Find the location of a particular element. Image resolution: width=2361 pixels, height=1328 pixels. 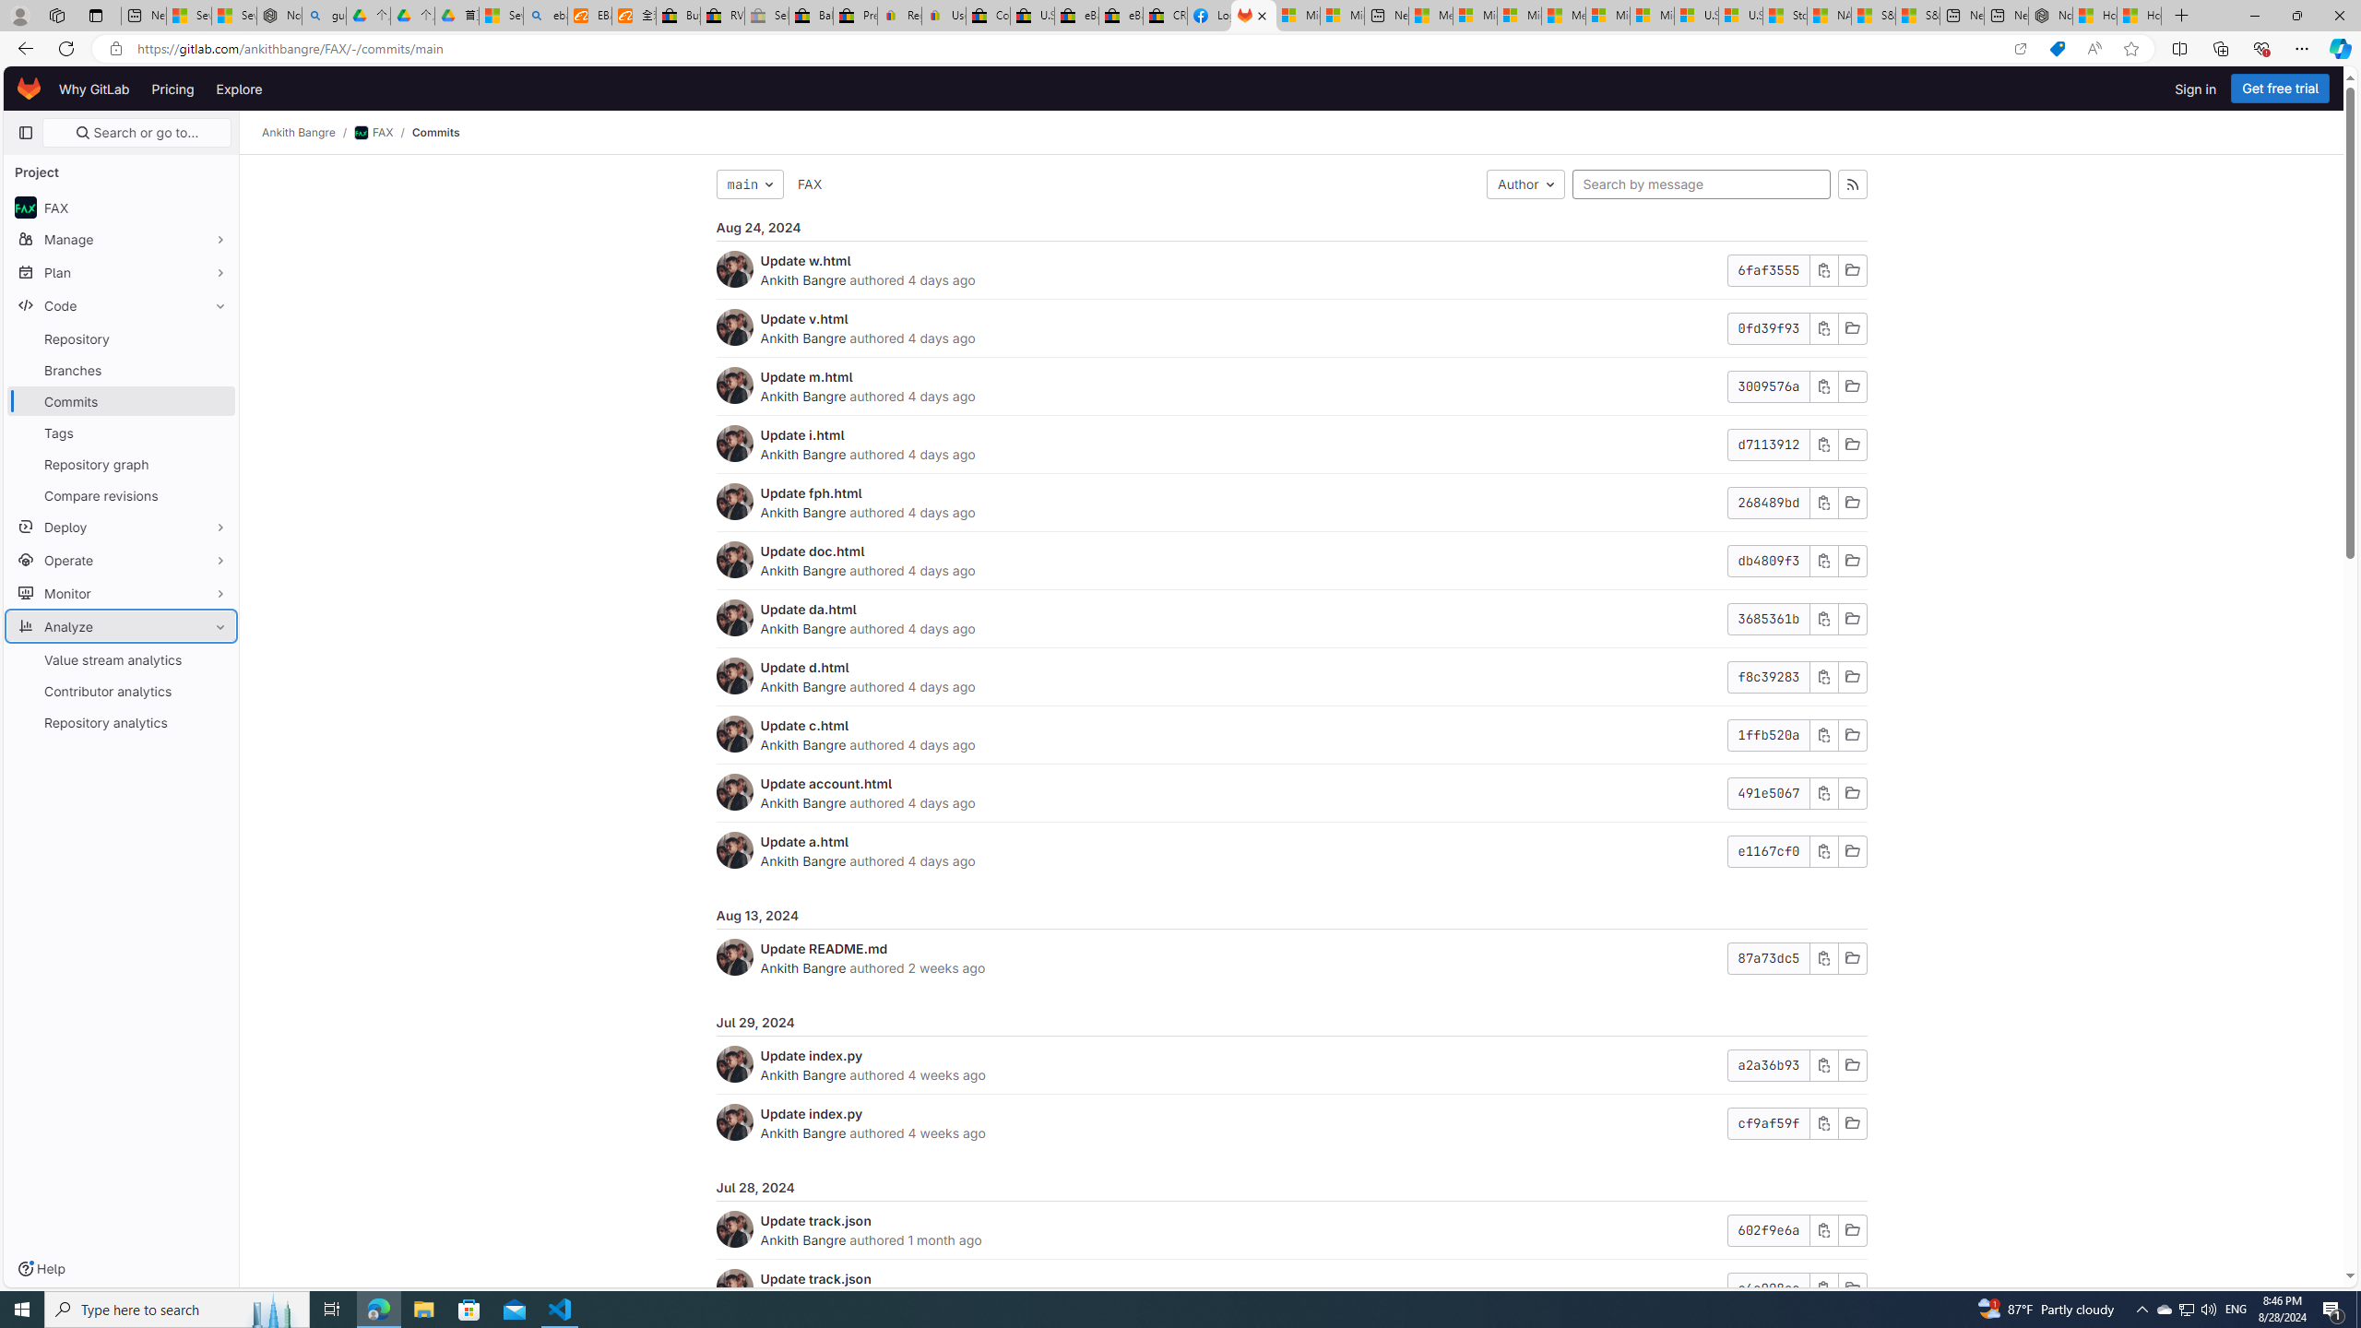

'Update track.json' is located at coordinates (815, 1278).